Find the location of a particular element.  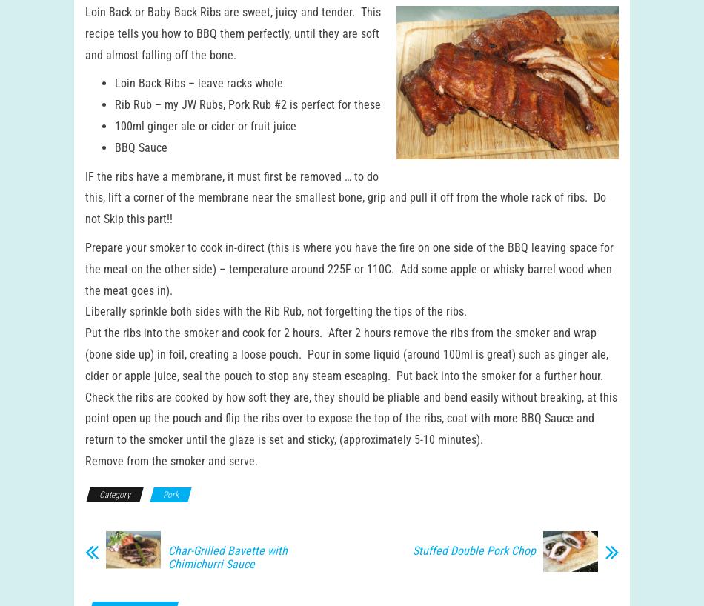

'!!' is located at coordinates (170, 232).